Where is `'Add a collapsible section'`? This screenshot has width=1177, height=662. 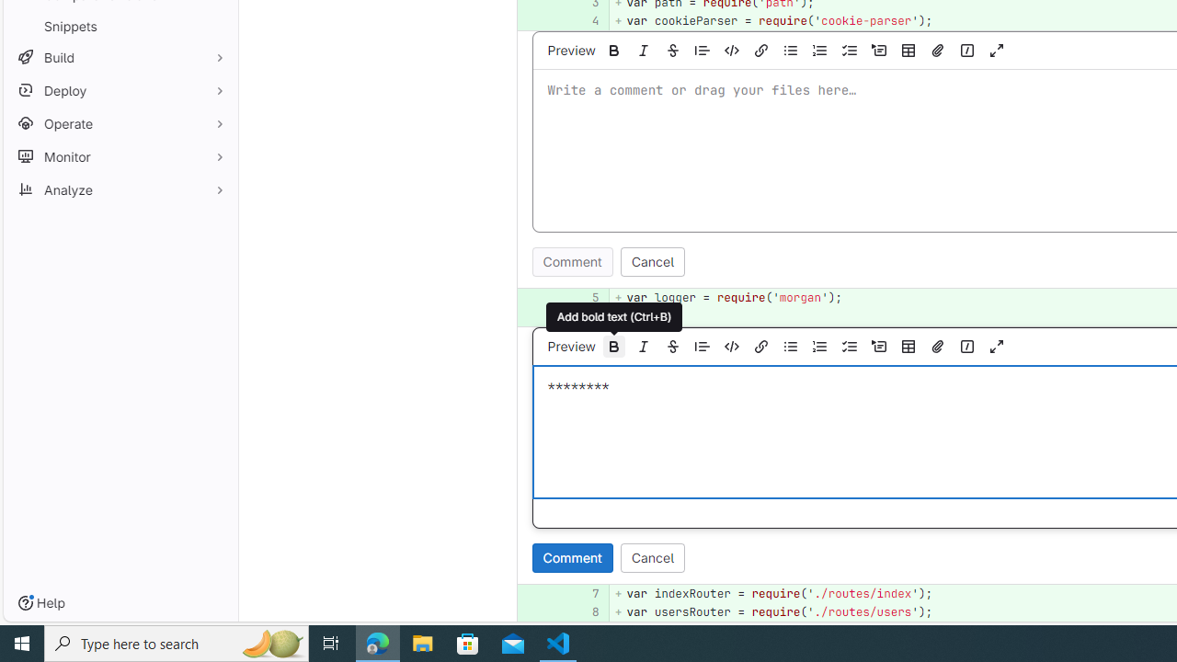 'Add a collapsible section' is located at coordinates (878, 346).